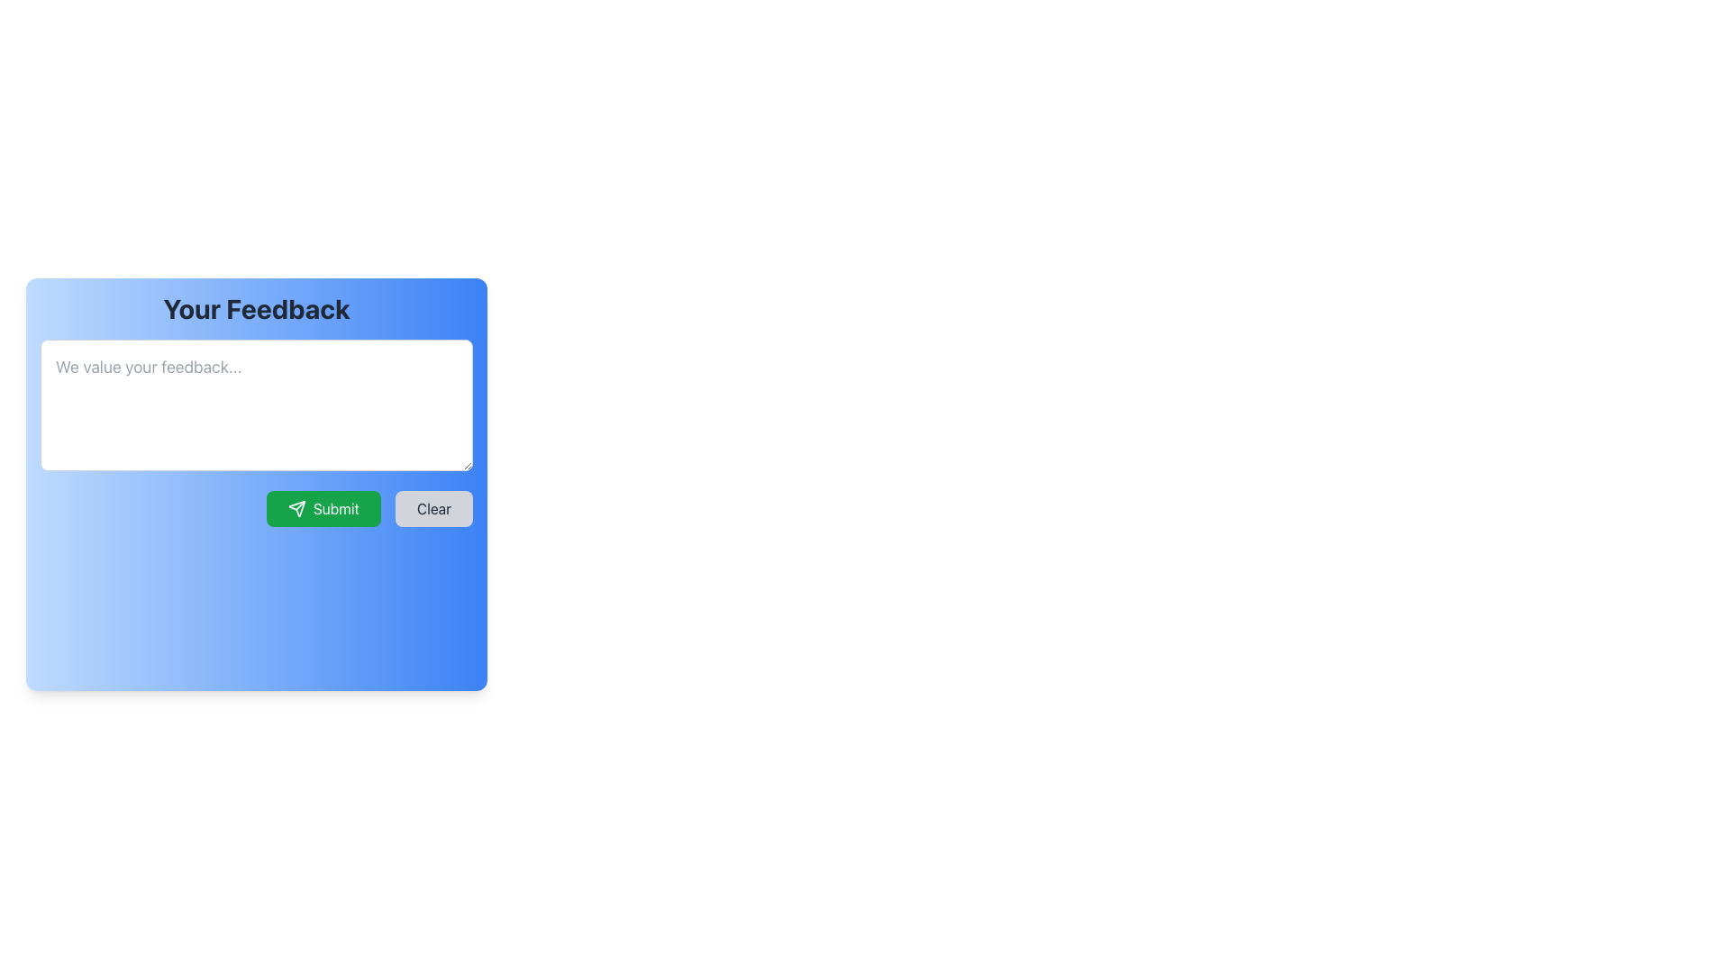  I want to click on the rectangular 'Clear' button with a light gray background and rounded corners, located to the right of the 'Submit' button, so click(433, 508).